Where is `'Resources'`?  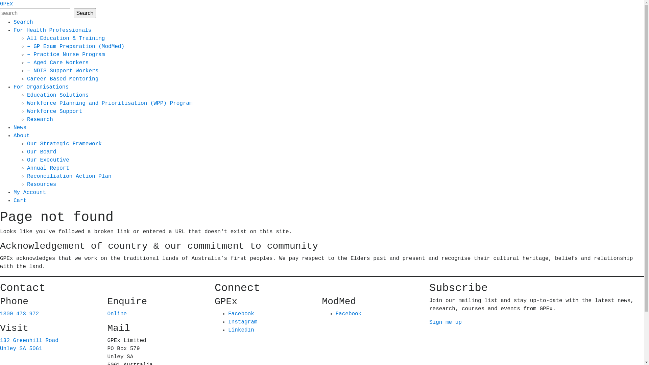 'Resources' is located at coordinates (41, 185).